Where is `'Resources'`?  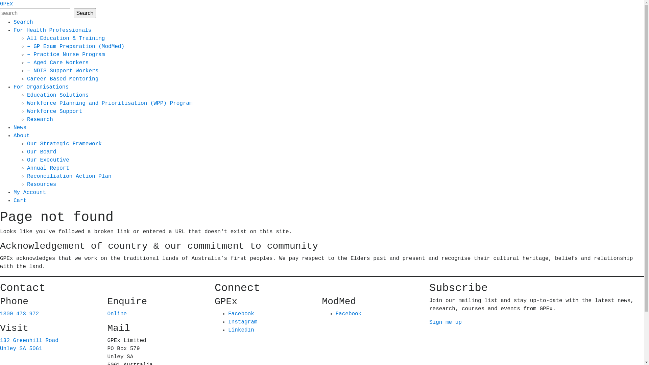 'Resources' is located at coordinates (41, 185).